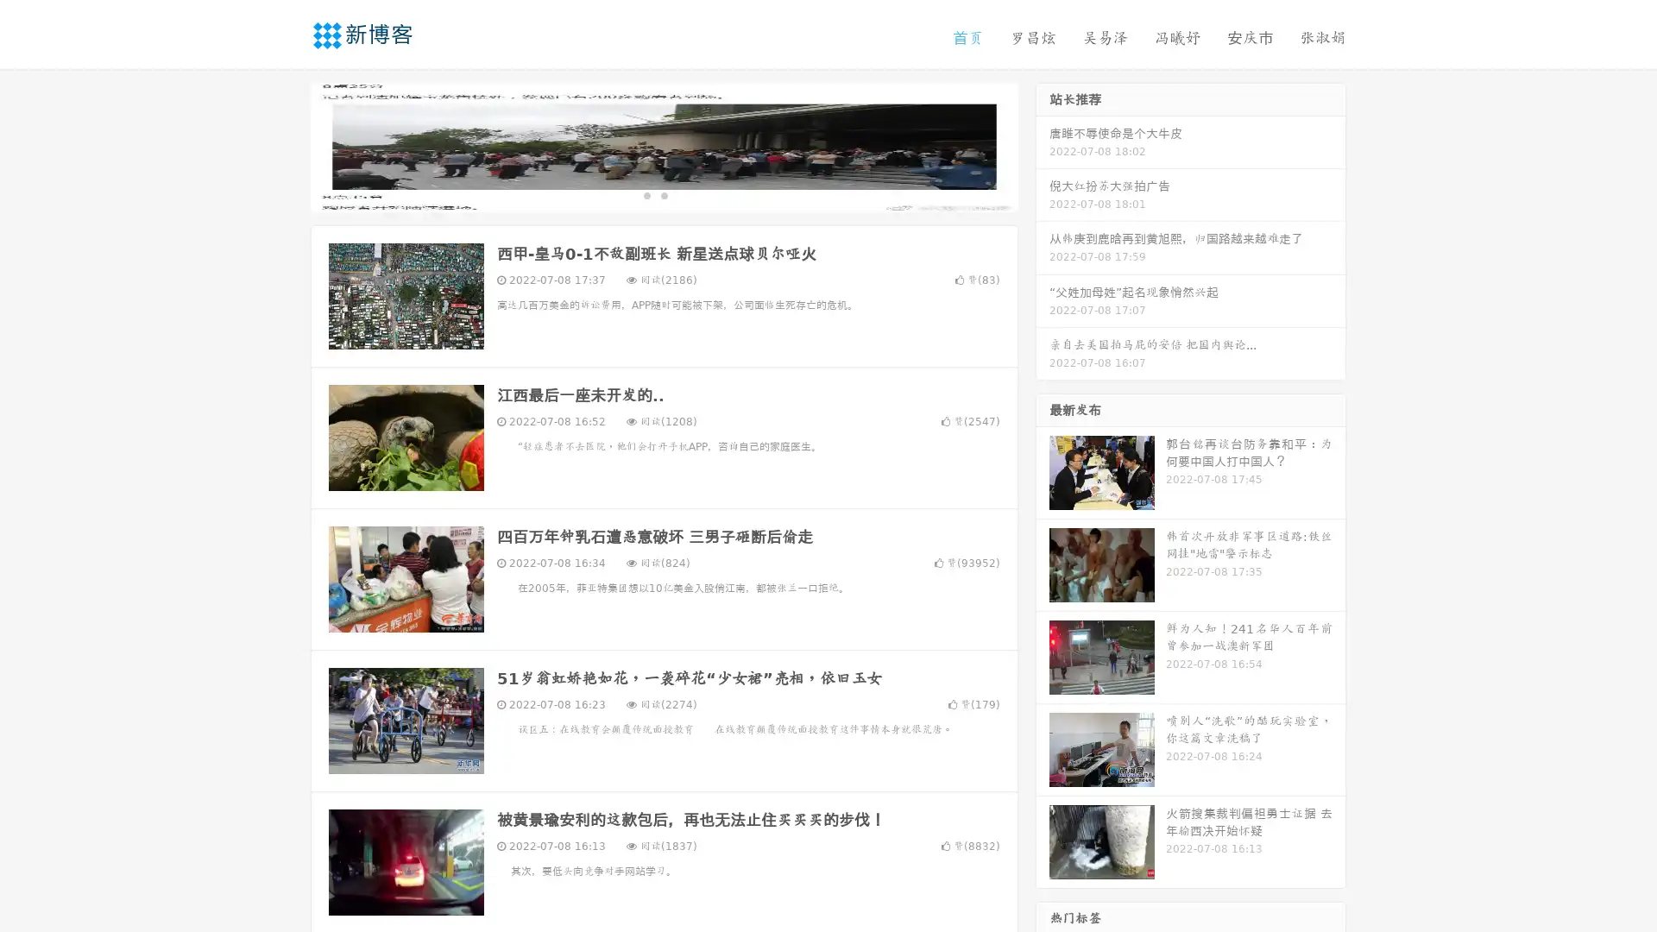  What do you see at coordinates (663, 194) in the screenshot?
I see `Go to slide 2` at bounding box center [663, 194].